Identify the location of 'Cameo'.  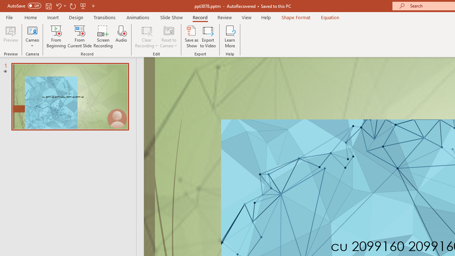
(32, 37).